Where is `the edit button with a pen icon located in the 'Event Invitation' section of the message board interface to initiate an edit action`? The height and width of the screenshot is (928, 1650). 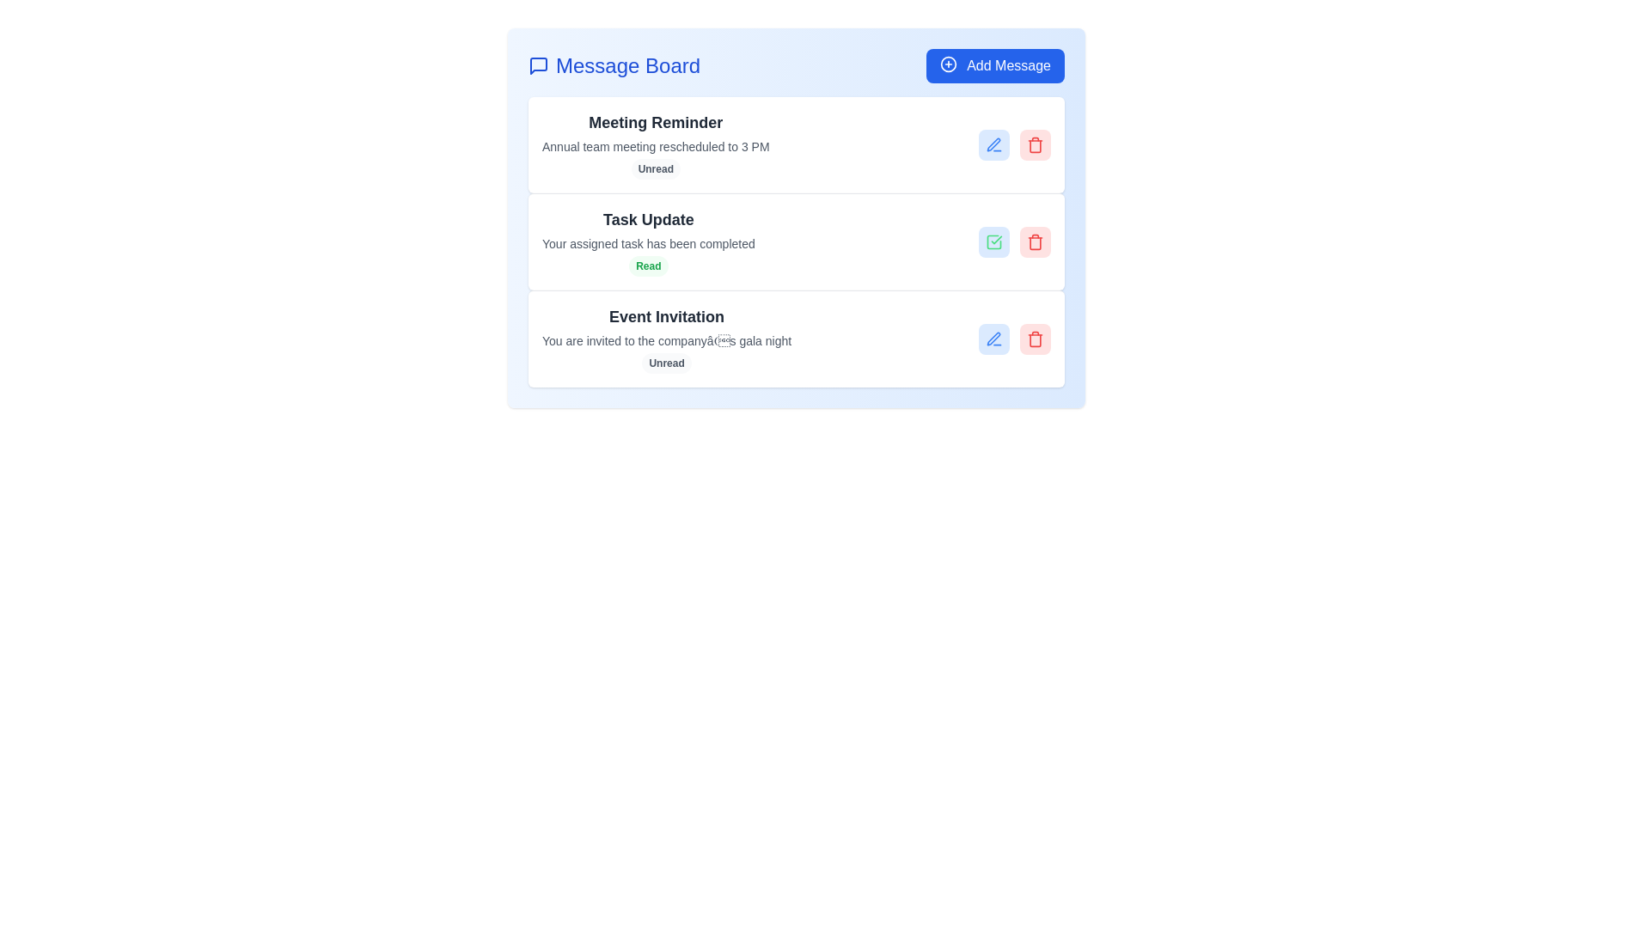
the edit button with a pen icon located in the 'Event Invitation' section of the message board interface to initiate an edit action is located at coordinates (993, 339).